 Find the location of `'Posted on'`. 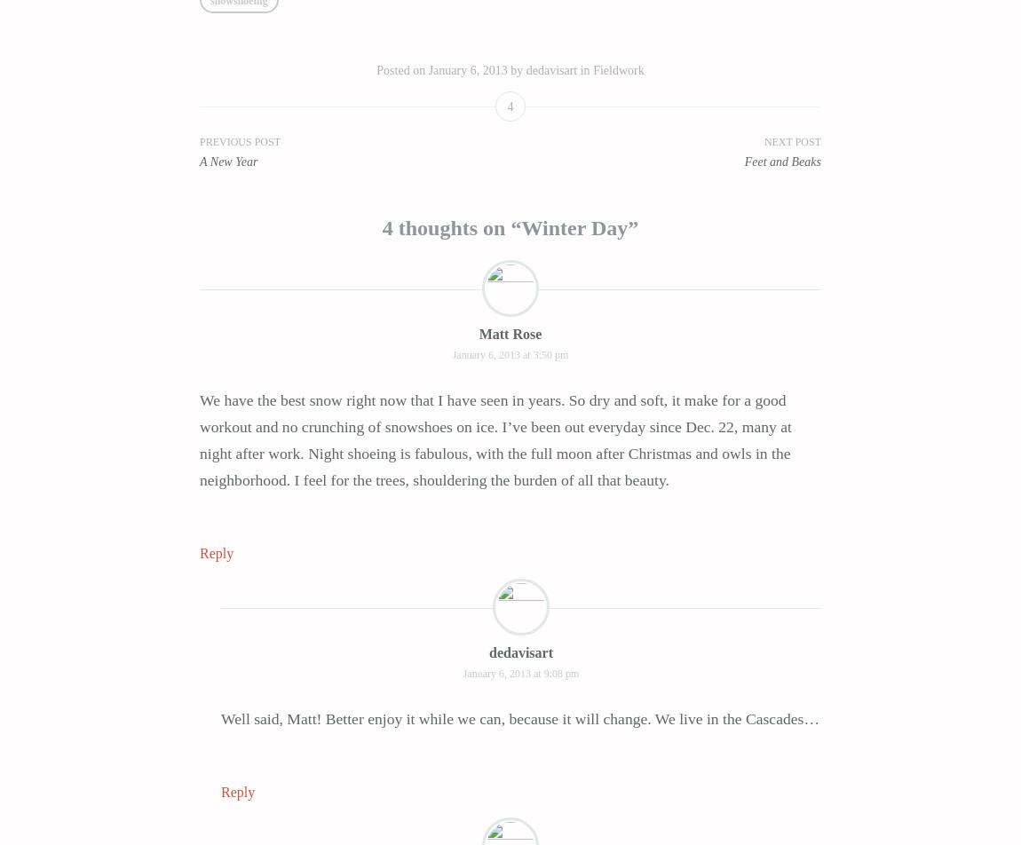

'Posted on' is located at coordinates (376, 69).